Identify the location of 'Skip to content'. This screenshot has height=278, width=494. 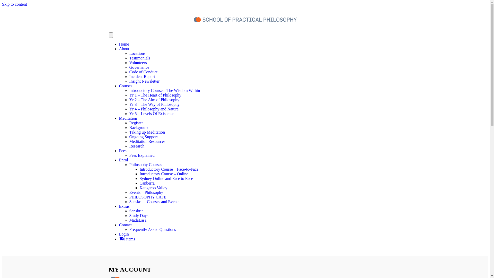
(14, 4).